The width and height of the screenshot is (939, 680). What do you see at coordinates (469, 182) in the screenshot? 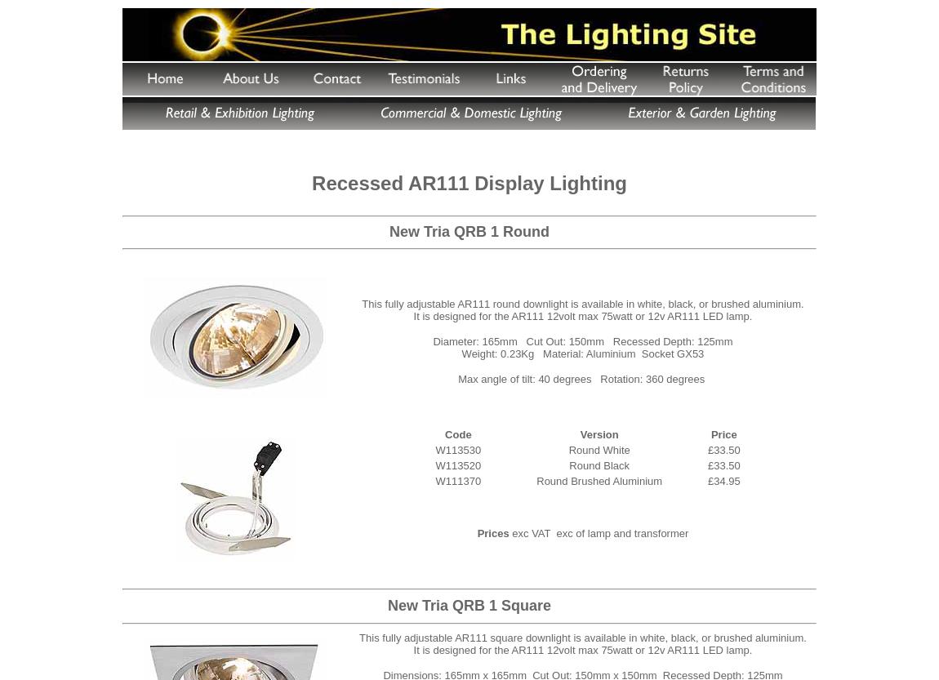
I see `'Recessed 
    AR111 Display Lighting'` at bounding box center [469, 182].